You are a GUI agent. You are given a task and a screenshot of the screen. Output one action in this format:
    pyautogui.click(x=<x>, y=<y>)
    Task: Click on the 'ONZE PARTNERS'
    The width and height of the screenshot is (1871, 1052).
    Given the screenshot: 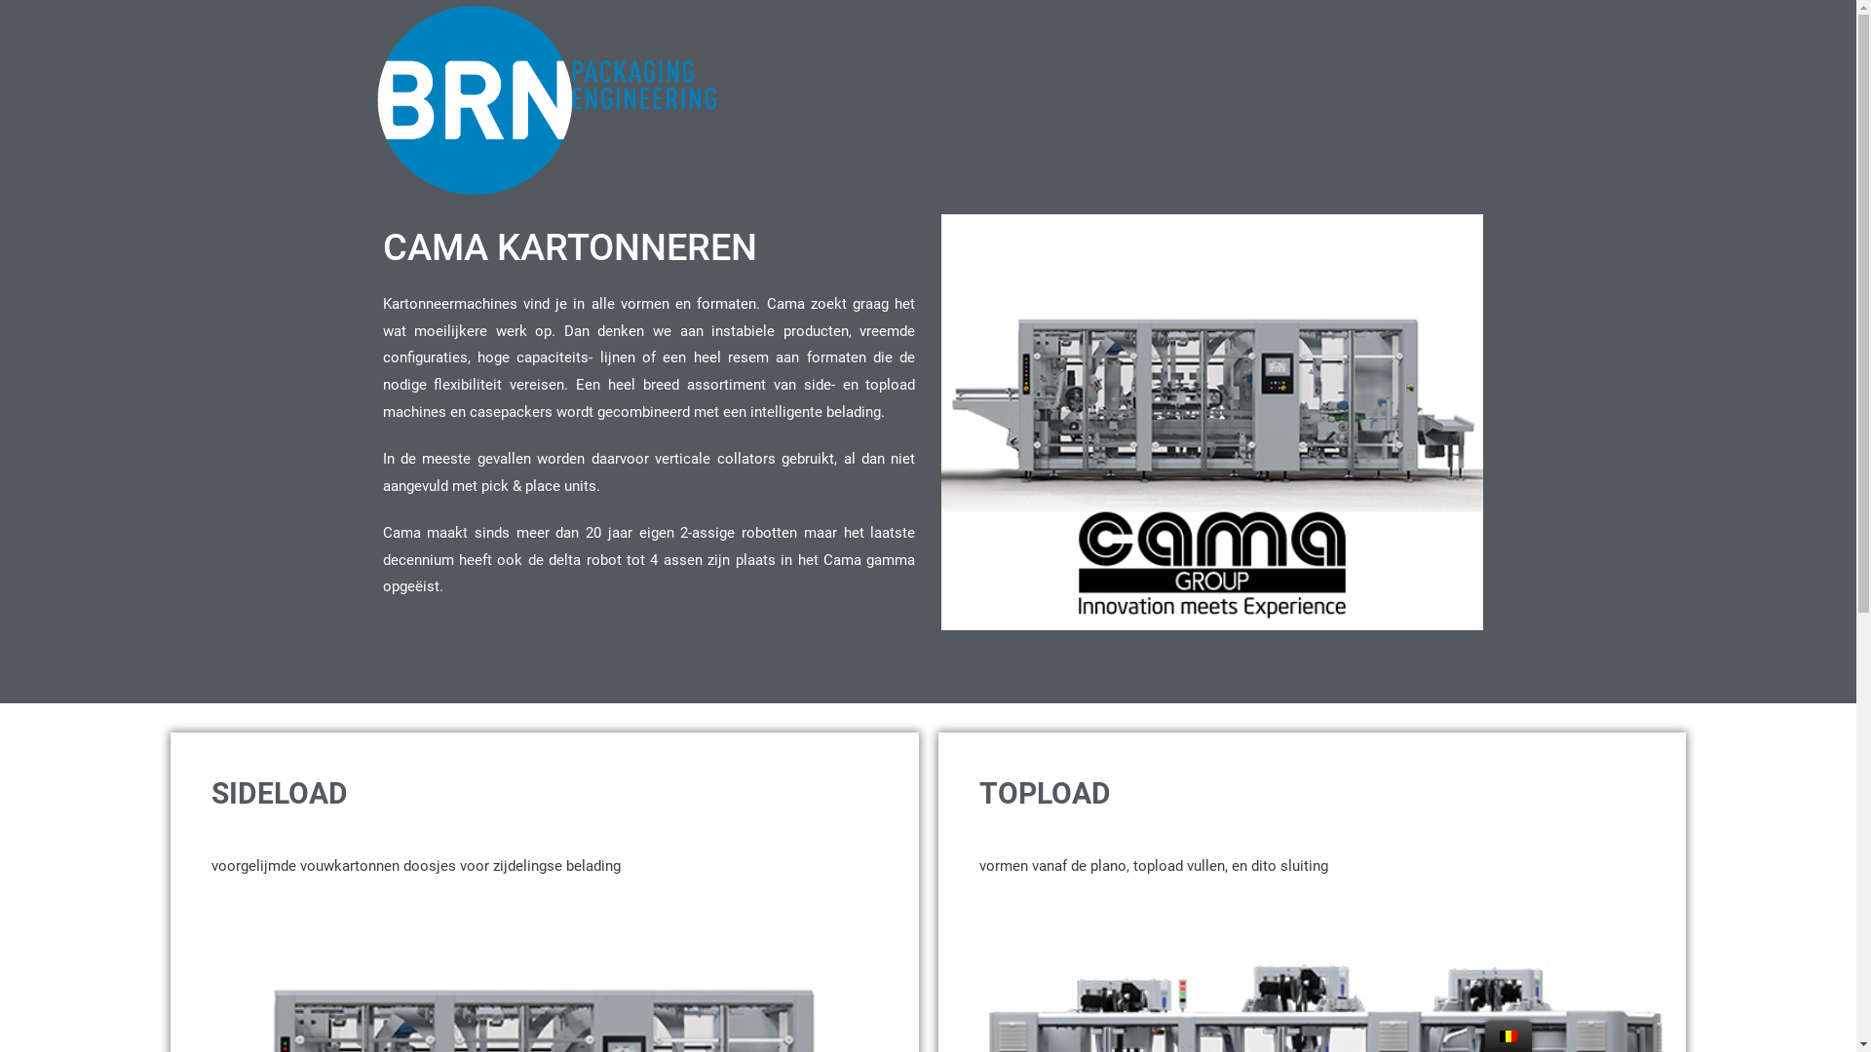 What is the action you would take?
    pyautogui.click(x=1147, y=70)
    